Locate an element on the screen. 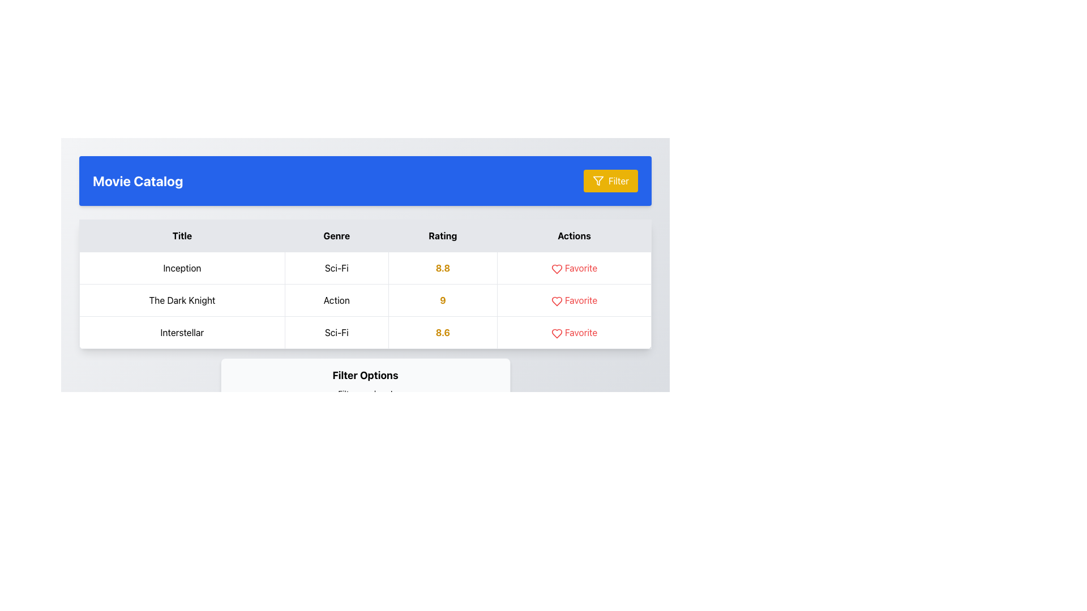 The width and height of the screenshot is (1087, 611). the bold, large-sized textual header displaying 'Movie Catalog' located at the top-left corner of the blue header panel is located at coordinates (137, 180).